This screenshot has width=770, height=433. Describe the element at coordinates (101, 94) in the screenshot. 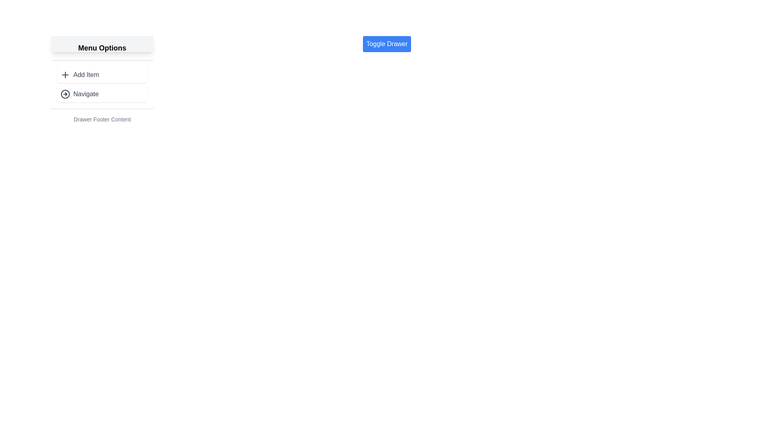

I see `the 'Navigate' button` at that location.